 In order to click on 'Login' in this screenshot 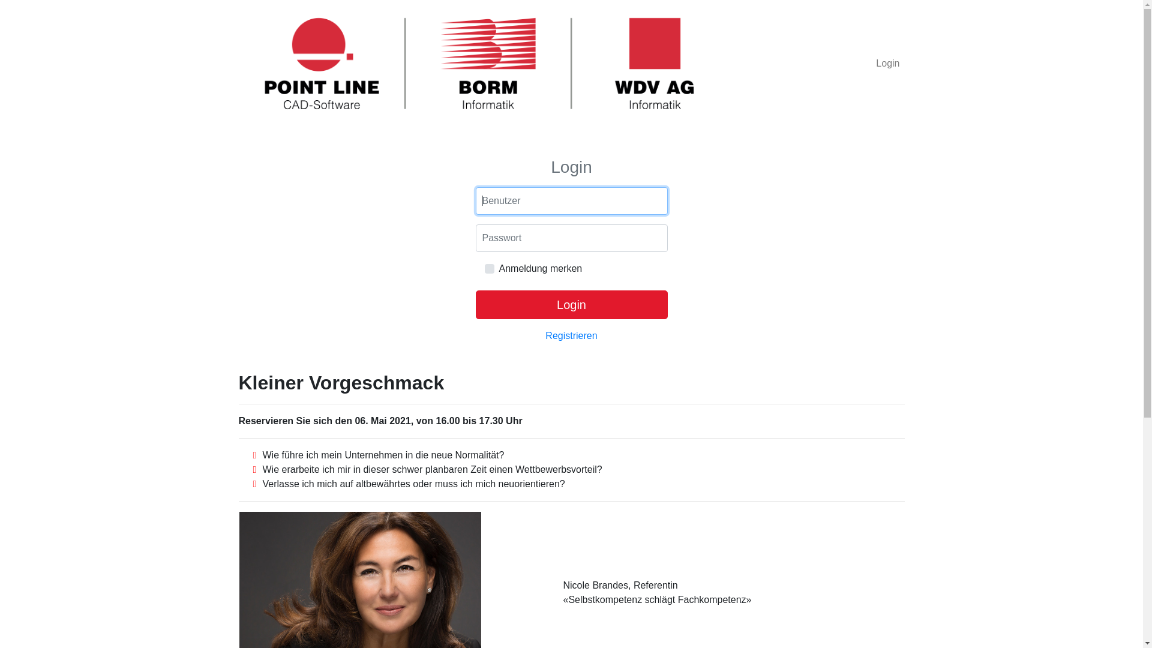, I will do `click(570, 304)`.